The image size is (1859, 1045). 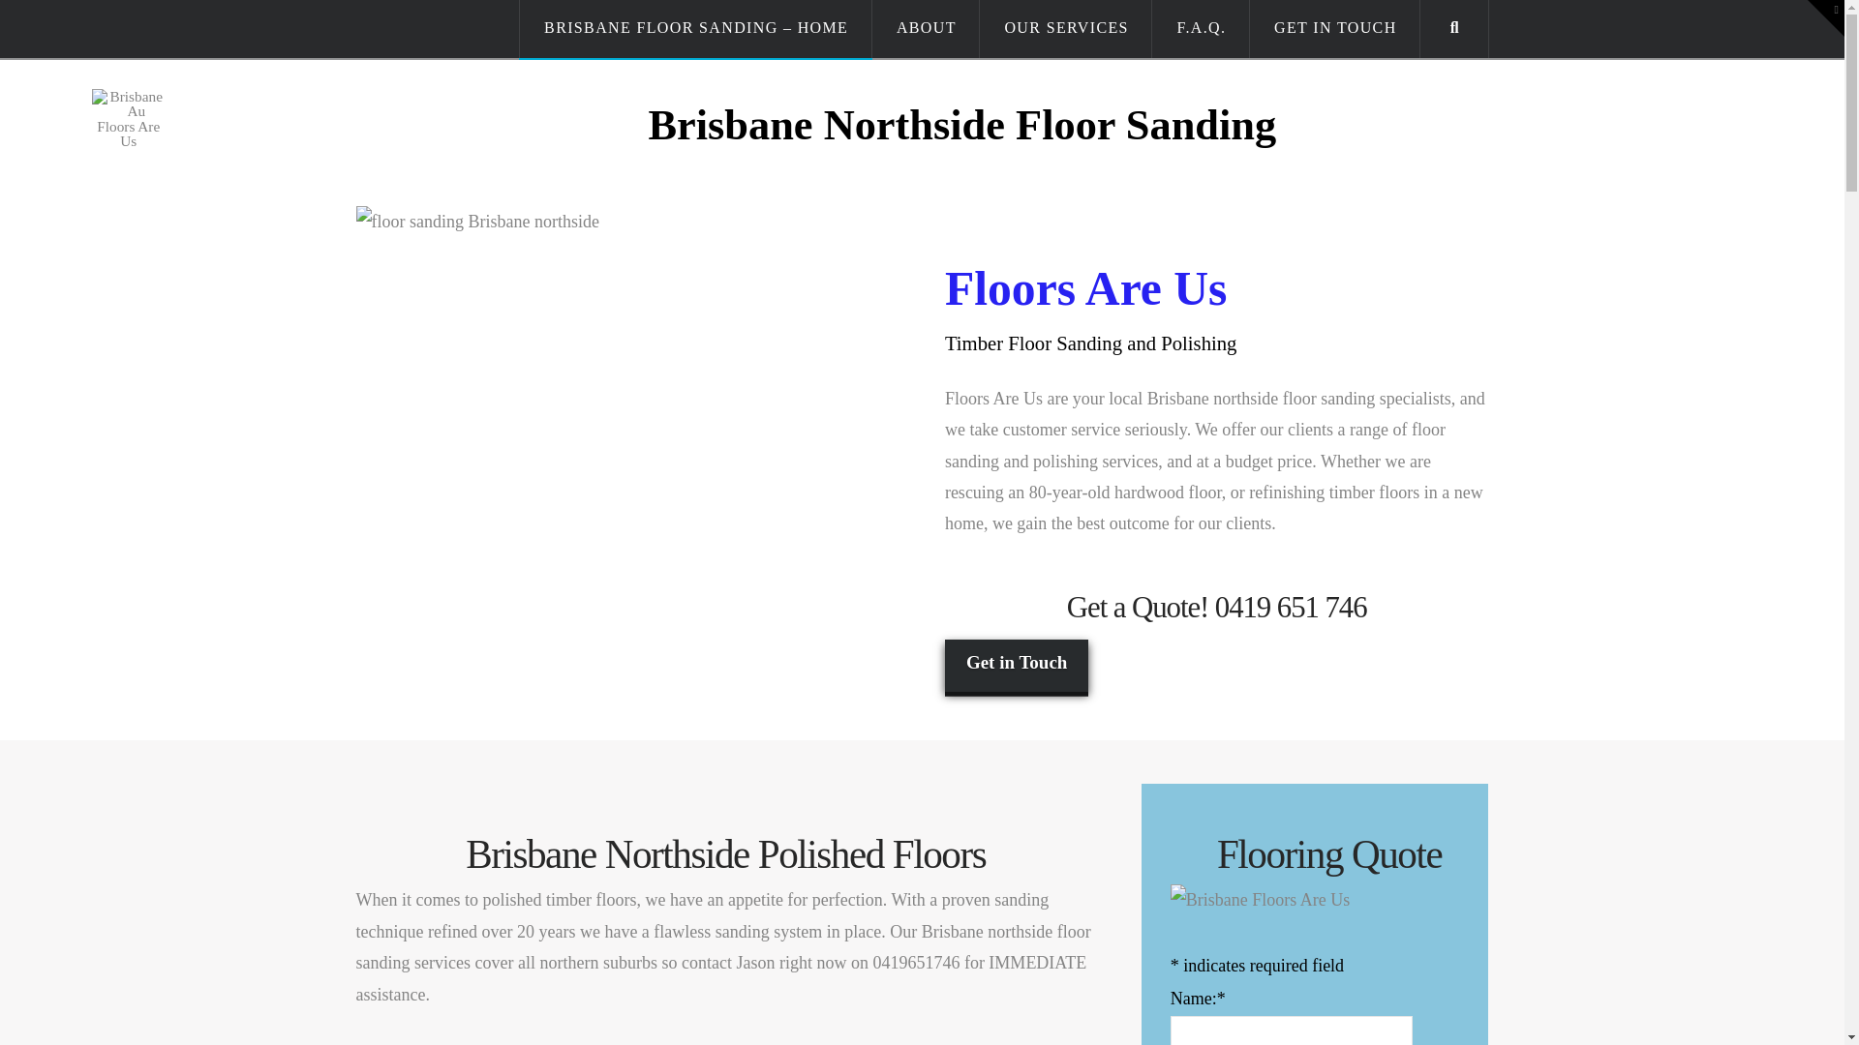 What do you see at coordinates (980, 29) in the screenshot?
I see `'OUR SERVICES'` at bounding box center [980, 29].